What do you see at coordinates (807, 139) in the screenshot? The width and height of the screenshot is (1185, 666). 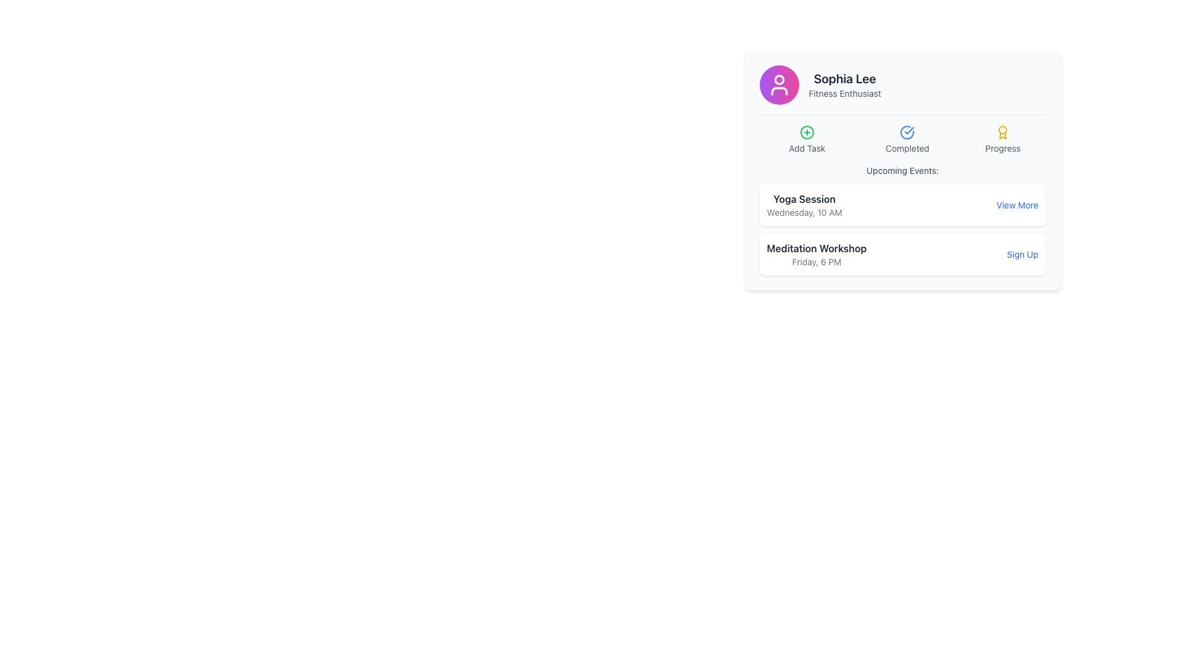 I see `the circular green '+' button labeled 'Add Task'` at bounding box center [807, 139].